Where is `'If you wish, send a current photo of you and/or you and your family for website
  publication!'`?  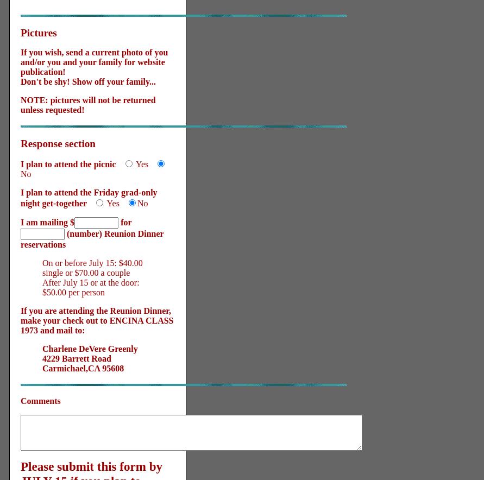
'If you wish, send a current photo of you and/or you and your family for website
  publication!' is located at coordinates (20, 61).